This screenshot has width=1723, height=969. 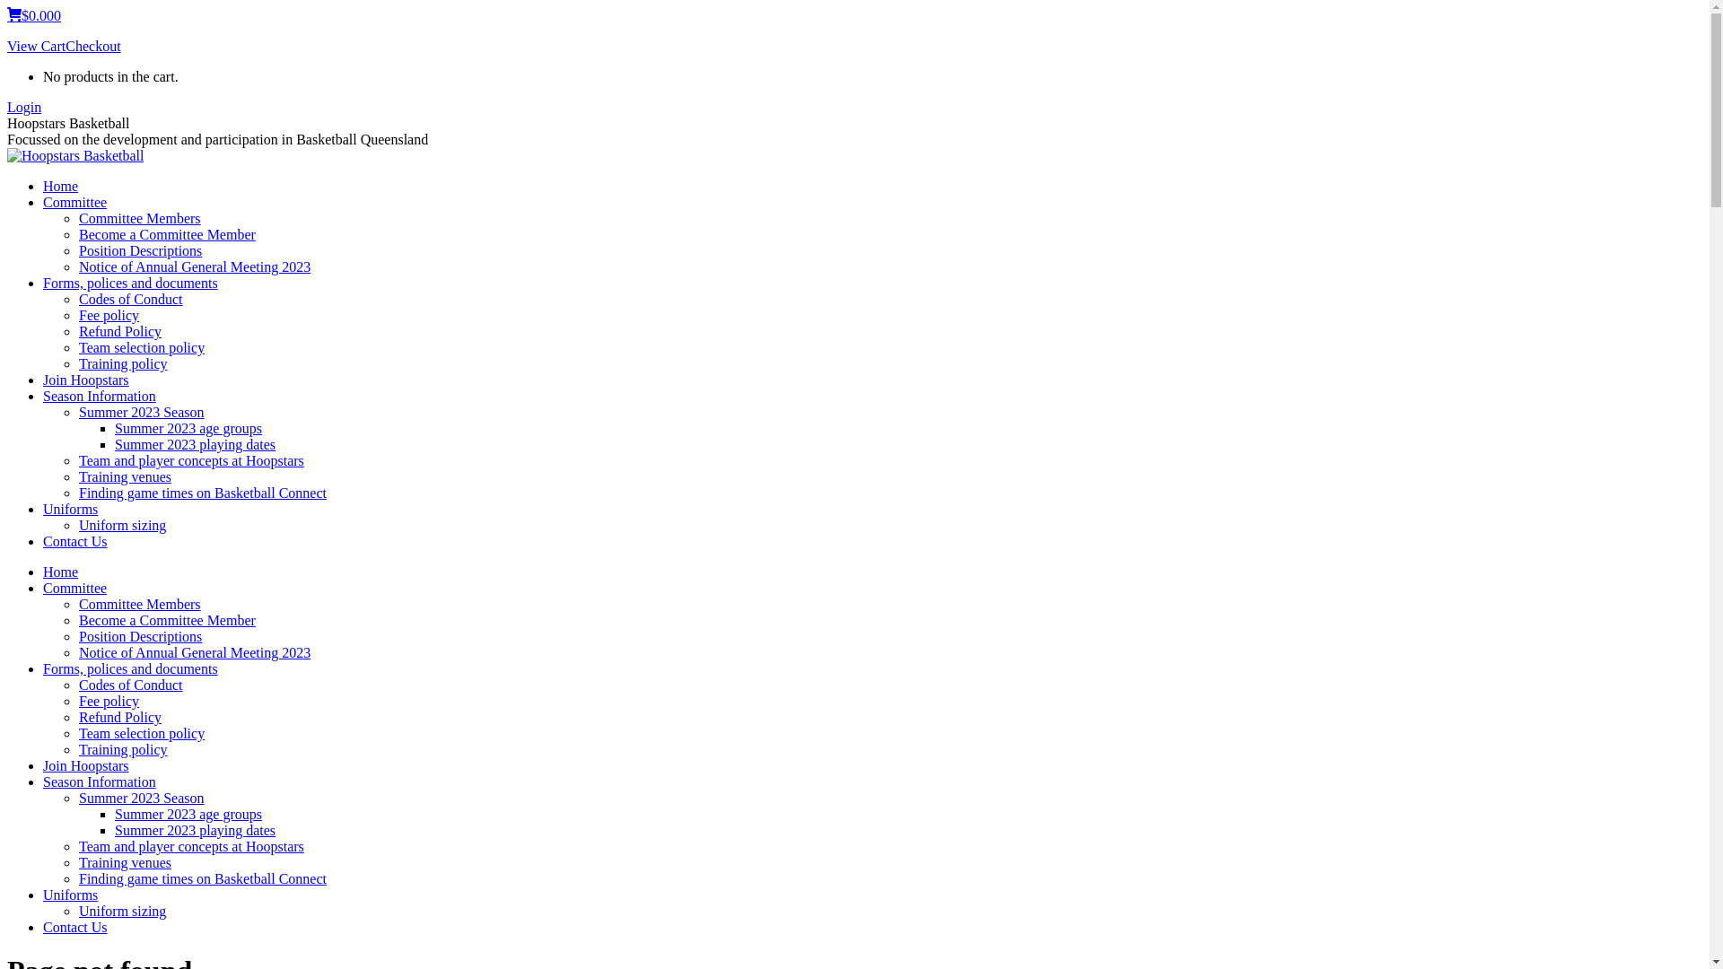 I want to click on 'Refund Policy', so click(x=77, y=331).